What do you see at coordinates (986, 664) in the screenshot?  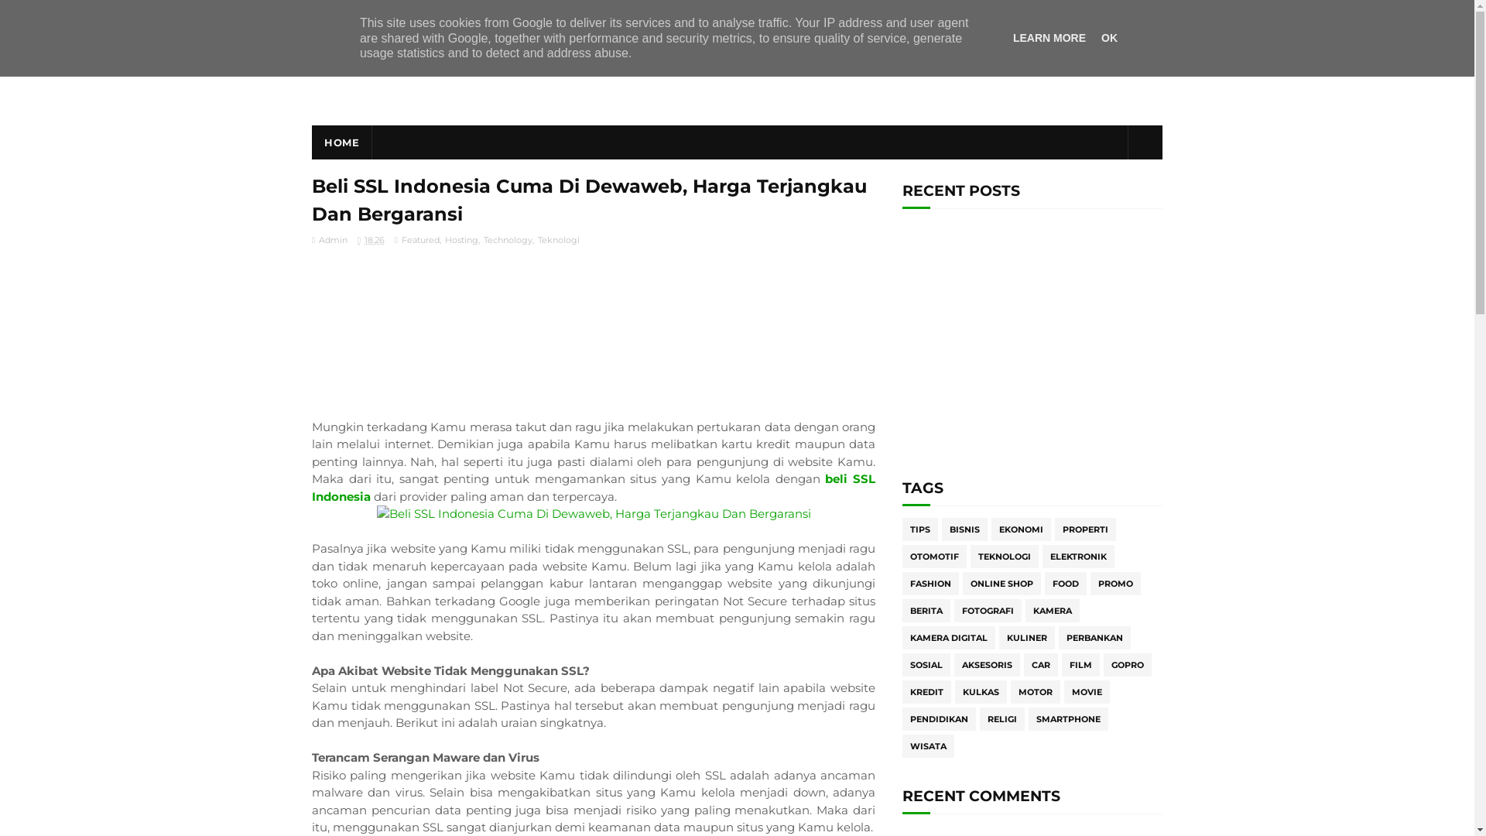 I see `'AKSESORIS'` at bounding box center [986, 664].